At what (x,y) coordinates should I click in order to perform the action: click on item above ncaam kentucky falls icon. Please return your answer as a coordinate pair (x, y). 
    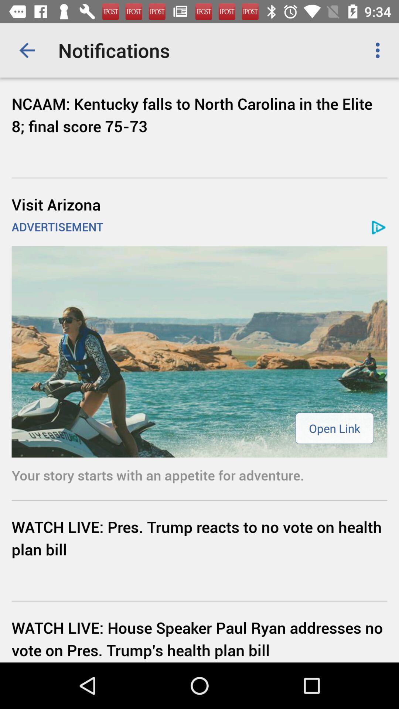
    Looking at the image, I should click on (379, 50).